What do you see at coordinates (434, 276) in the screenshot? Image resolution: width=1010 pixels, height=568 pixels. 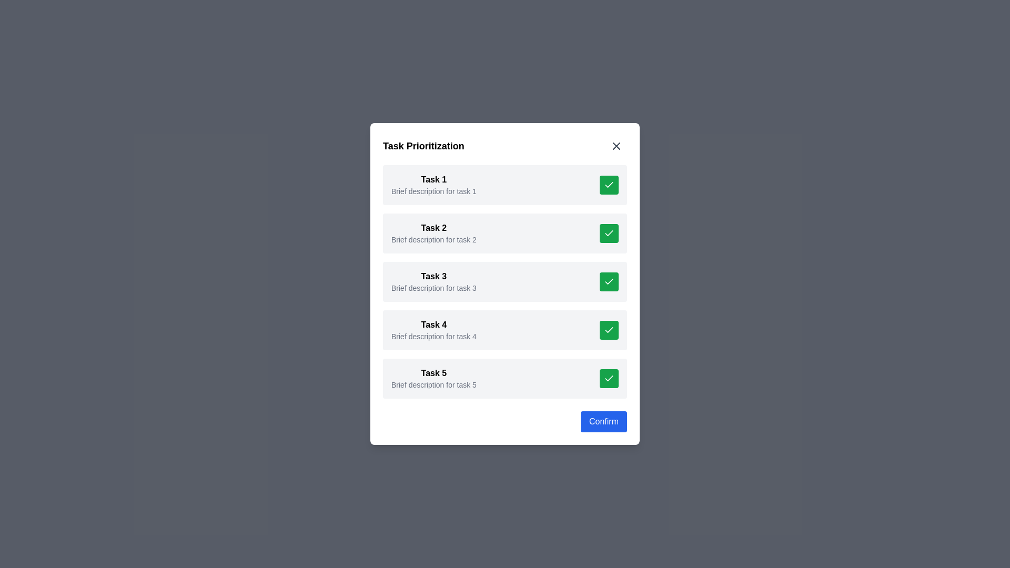 I see `the static text label that serves as the title for the third task in the 'Task Prioritization' list` at bounding box center [434, 276].